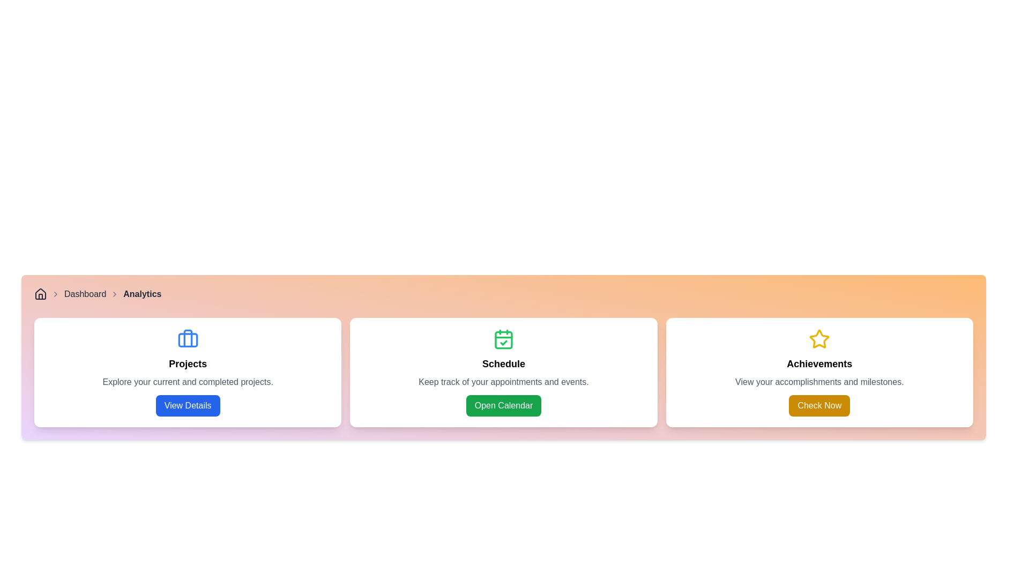 Image resolution: width=1029 pixels, height=579 pixels. Describe the element at coordinates (819, 363) in the screenshot. I see `the 'Achievements' header text, which is styled in bold and large font on a white background, located beneath a yellow star icon and above descriptive text and a button labeled 'Check Now'` at that location.